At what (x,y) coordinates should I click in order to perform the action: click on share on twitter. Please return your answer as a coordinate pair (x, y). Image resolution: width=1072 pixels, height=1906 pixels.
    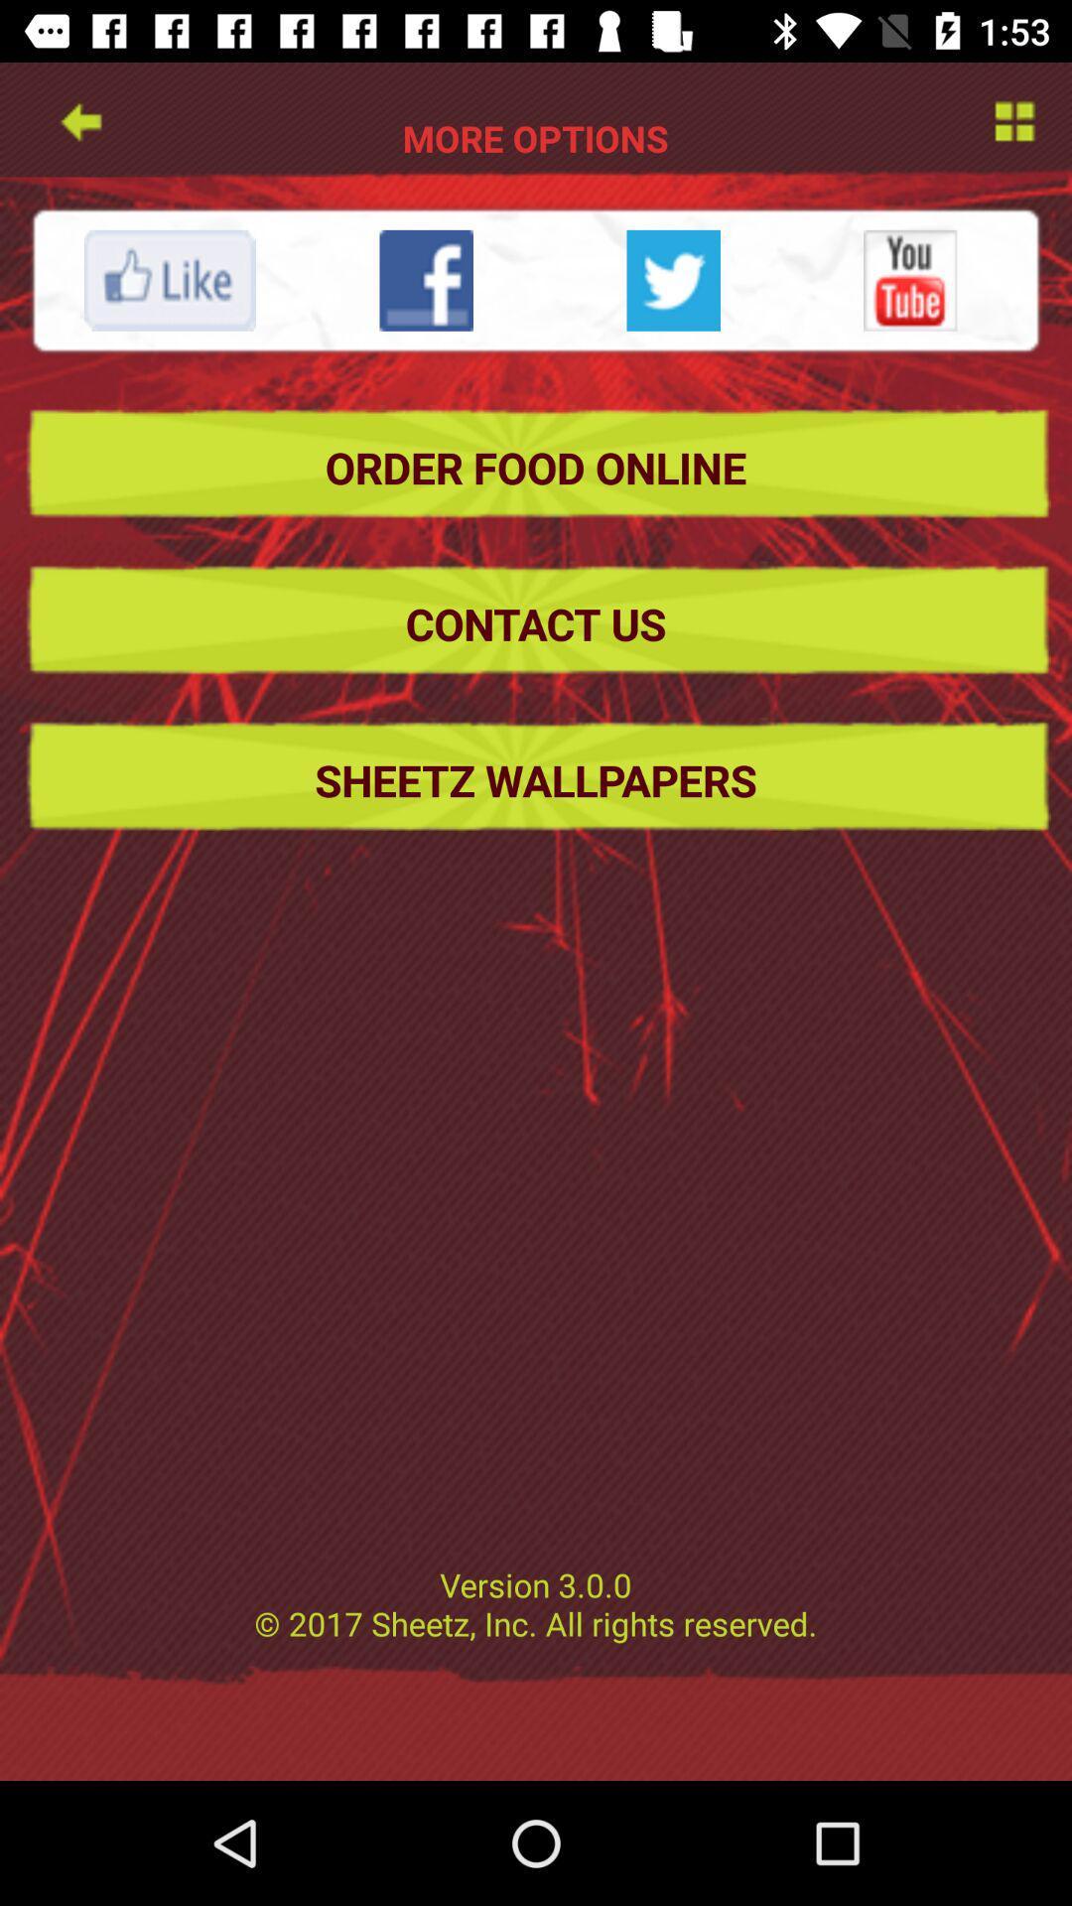
    Looking at the image, I should click on (672, 279).